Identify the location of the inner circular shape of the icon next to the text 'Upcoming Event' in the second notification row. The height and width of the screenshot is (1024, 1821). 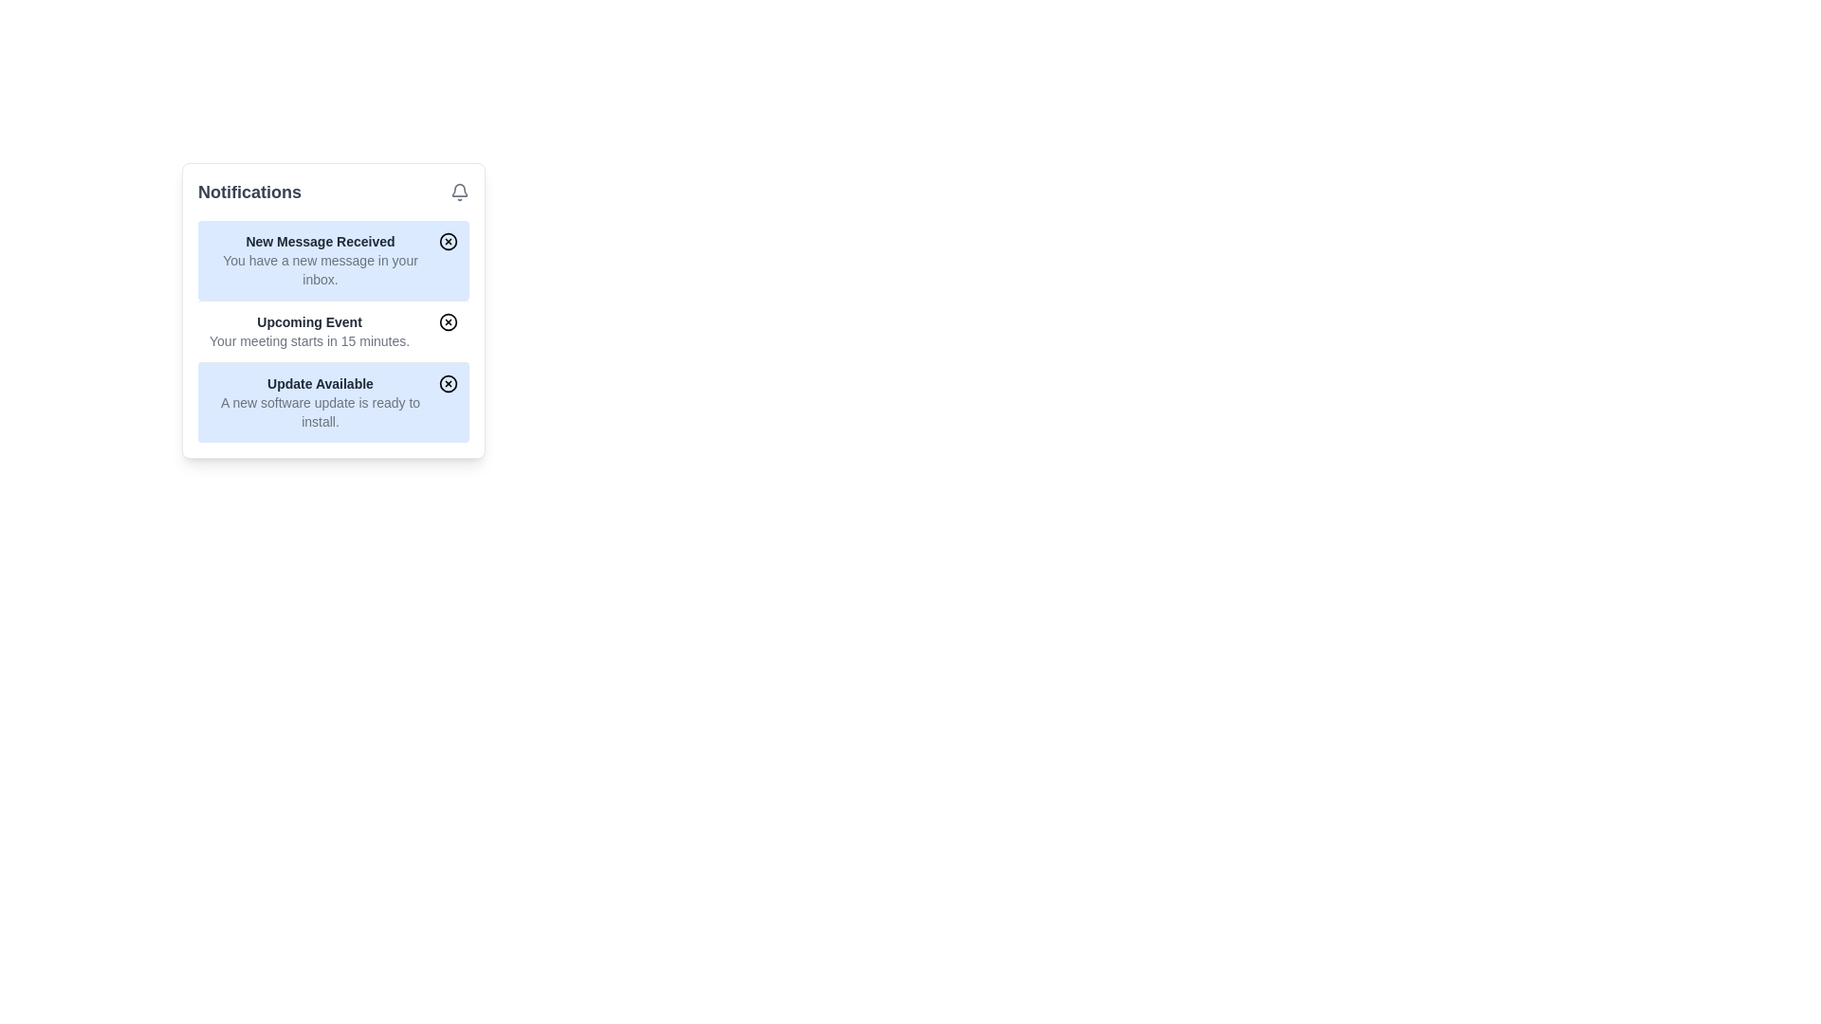
(448, 320).